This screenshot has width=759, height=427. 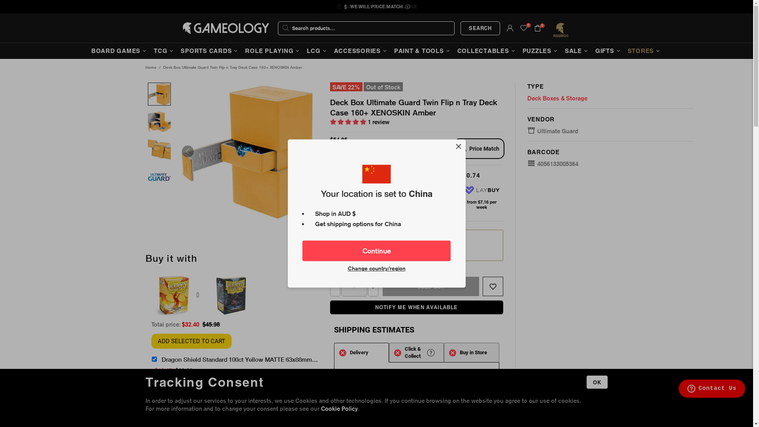 I want to click on 'NOTIFY ME WHEN AVAILABLE', so click(x=416, y=307).